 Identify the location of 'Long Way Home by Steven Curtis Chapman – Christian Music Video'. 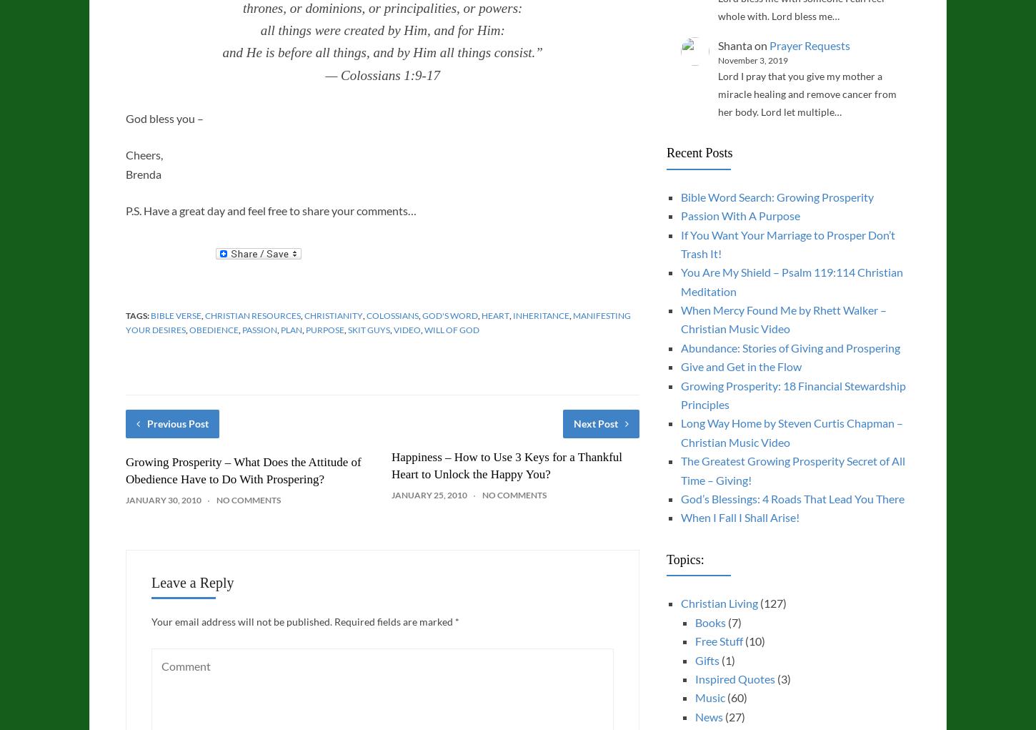
(790, 432).